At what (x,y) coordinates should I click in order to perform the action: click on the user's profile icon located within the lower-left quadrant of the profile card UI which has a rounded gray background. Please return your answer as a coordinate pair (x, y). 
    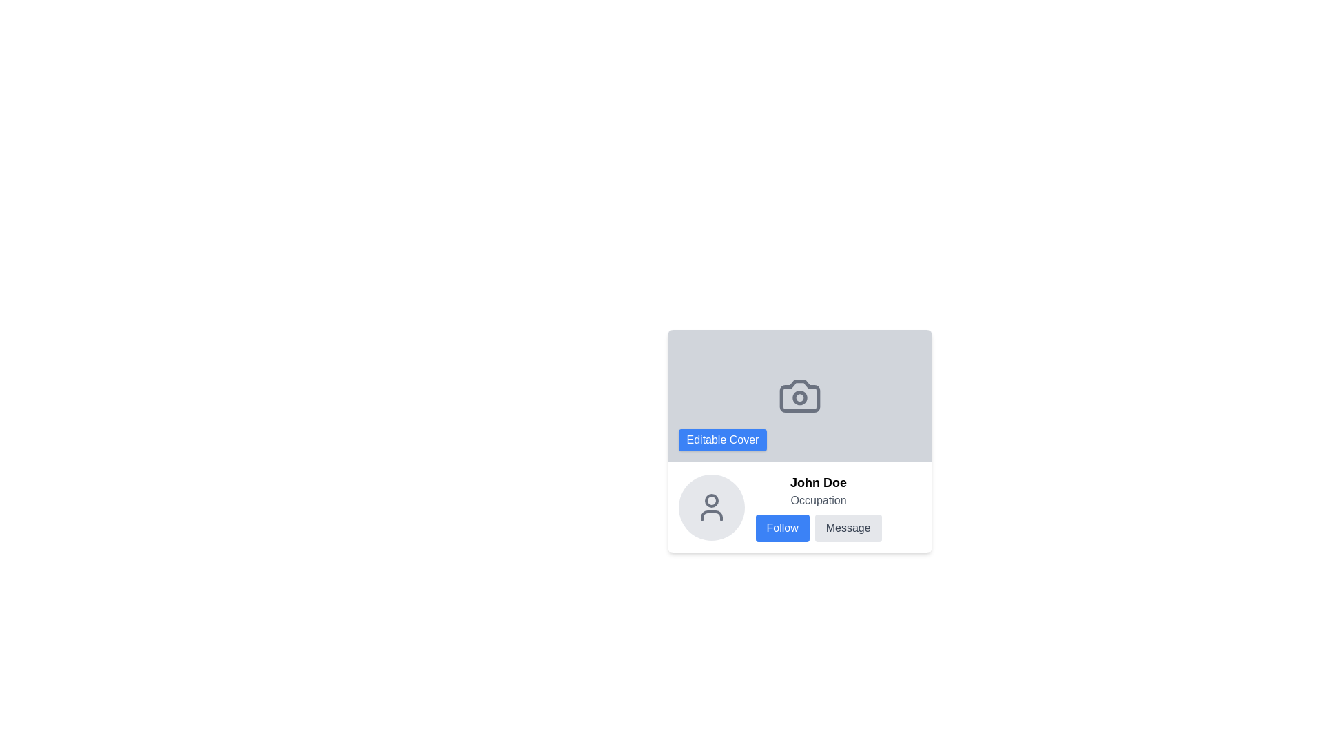
    Looking at the image, I should click on (711, 507).